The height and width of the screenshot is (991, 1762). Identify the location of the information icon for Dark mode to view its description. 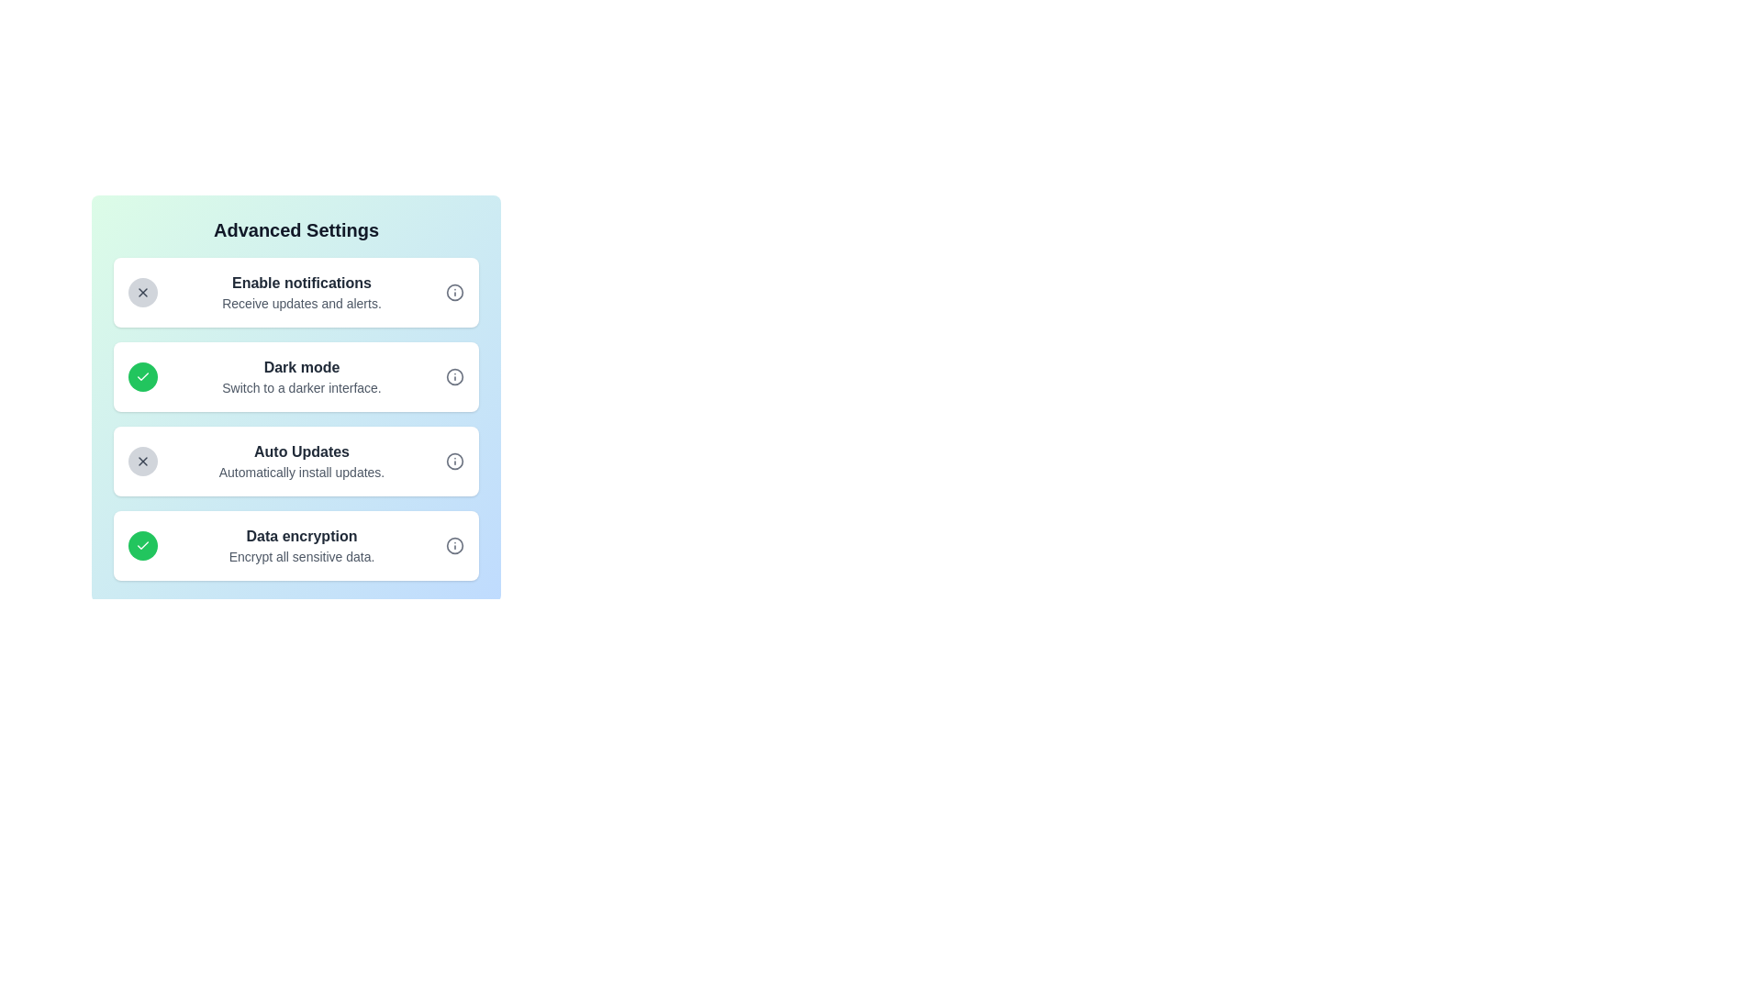
(454, 376).